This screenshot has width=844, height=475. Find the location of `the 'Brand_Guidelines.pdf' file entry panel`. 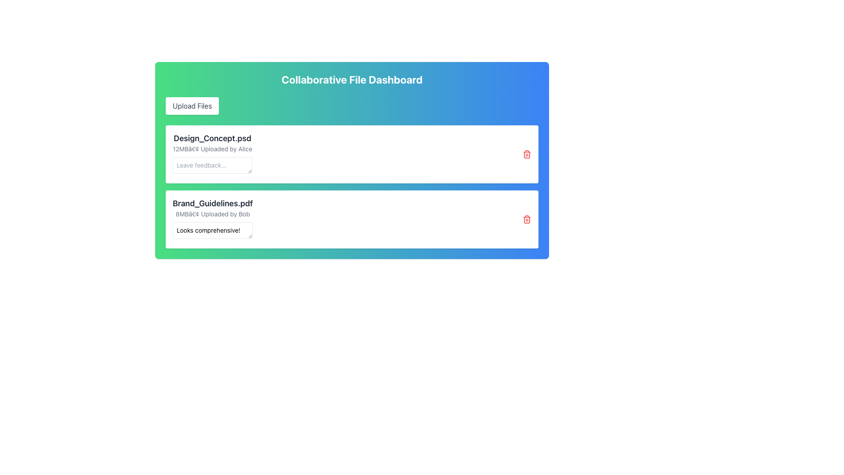

the 'Brand_Guidelines.pdf' file entry panel is located at coordinates (352, 219).